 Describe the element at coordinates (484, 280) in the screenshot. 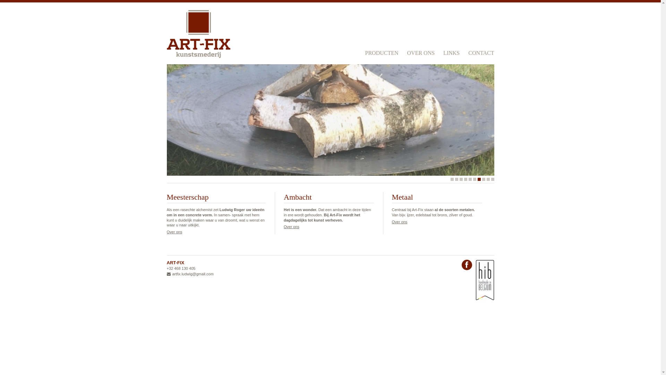

I see `'Handmade in Belgium'` at that location.